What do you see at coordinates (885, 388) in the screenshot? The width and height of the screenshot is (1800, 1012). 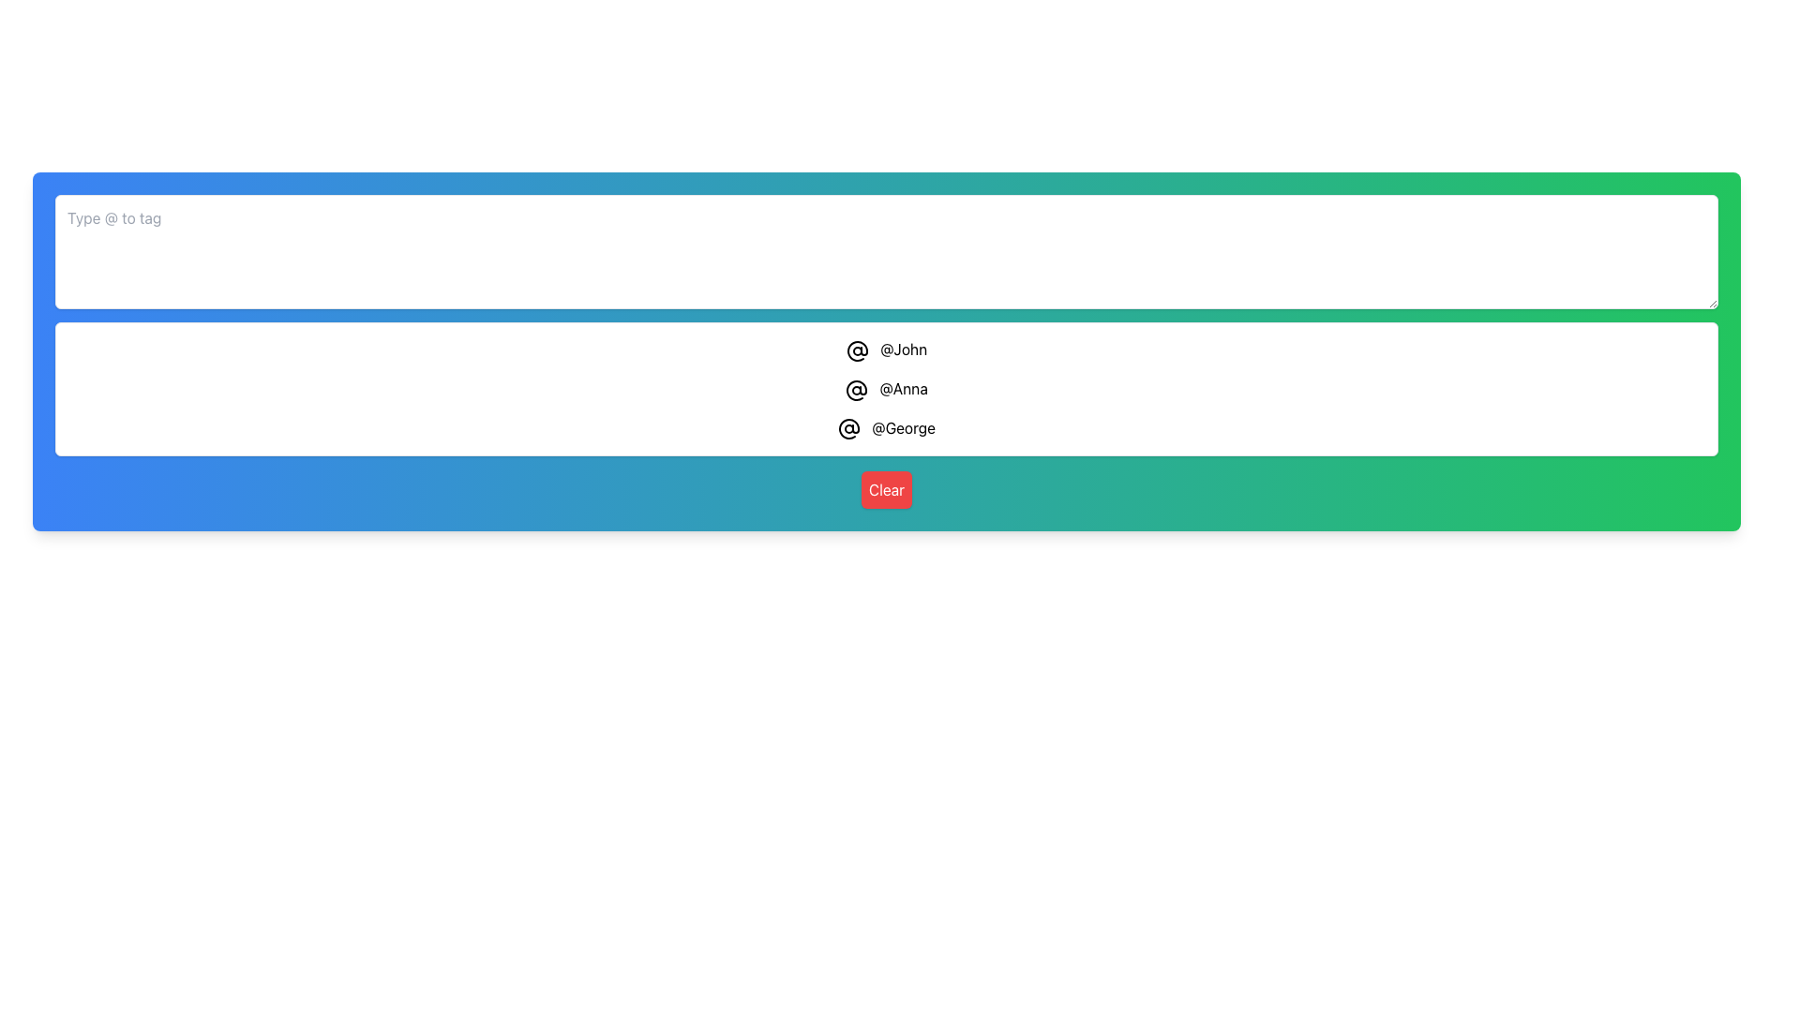 I see `the selectable list item displaying the text '@Anna' to activate its visual feedback` at bounding box center [885, 388].